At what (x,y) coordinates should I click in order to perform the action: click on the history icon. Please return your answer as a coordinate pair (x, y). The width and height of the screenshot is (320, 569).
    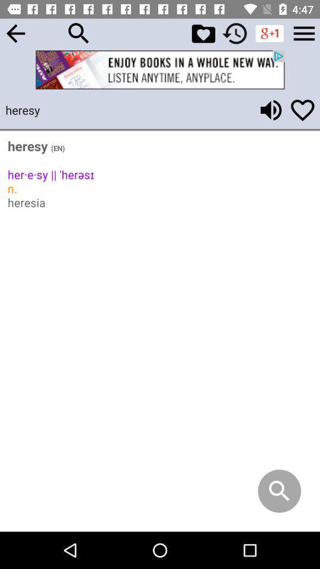
    Looking at the image, I should click on (235, 33).